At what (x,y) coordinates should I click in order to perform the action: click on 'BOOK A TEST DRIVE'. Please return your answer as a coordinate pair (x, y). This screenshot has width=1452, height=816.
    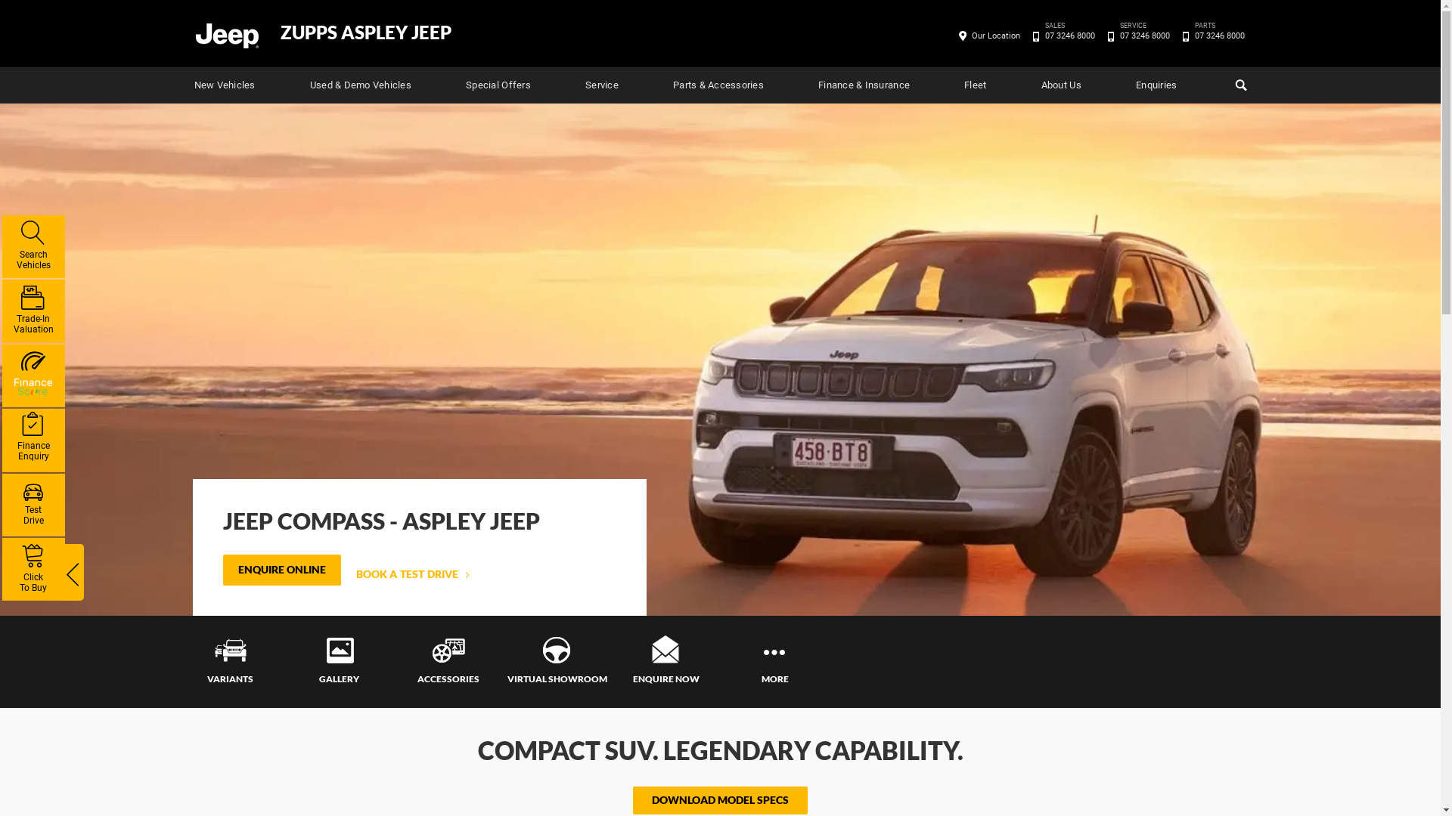
    Looking at the image, I should click on (412, 573).